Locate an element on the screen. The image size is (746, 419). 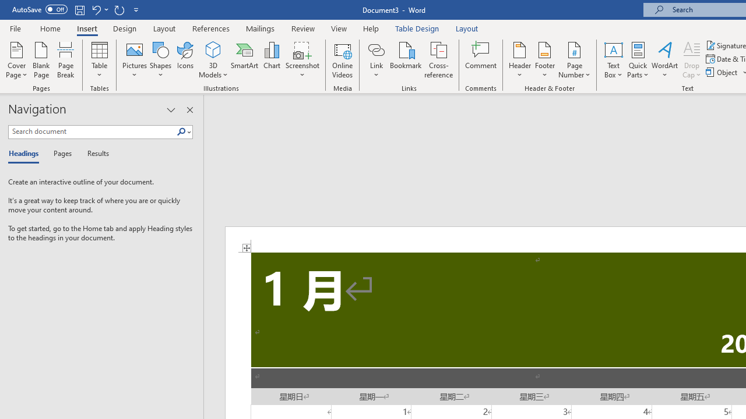
'Quick Parts' is located at coordinates (638, 60).